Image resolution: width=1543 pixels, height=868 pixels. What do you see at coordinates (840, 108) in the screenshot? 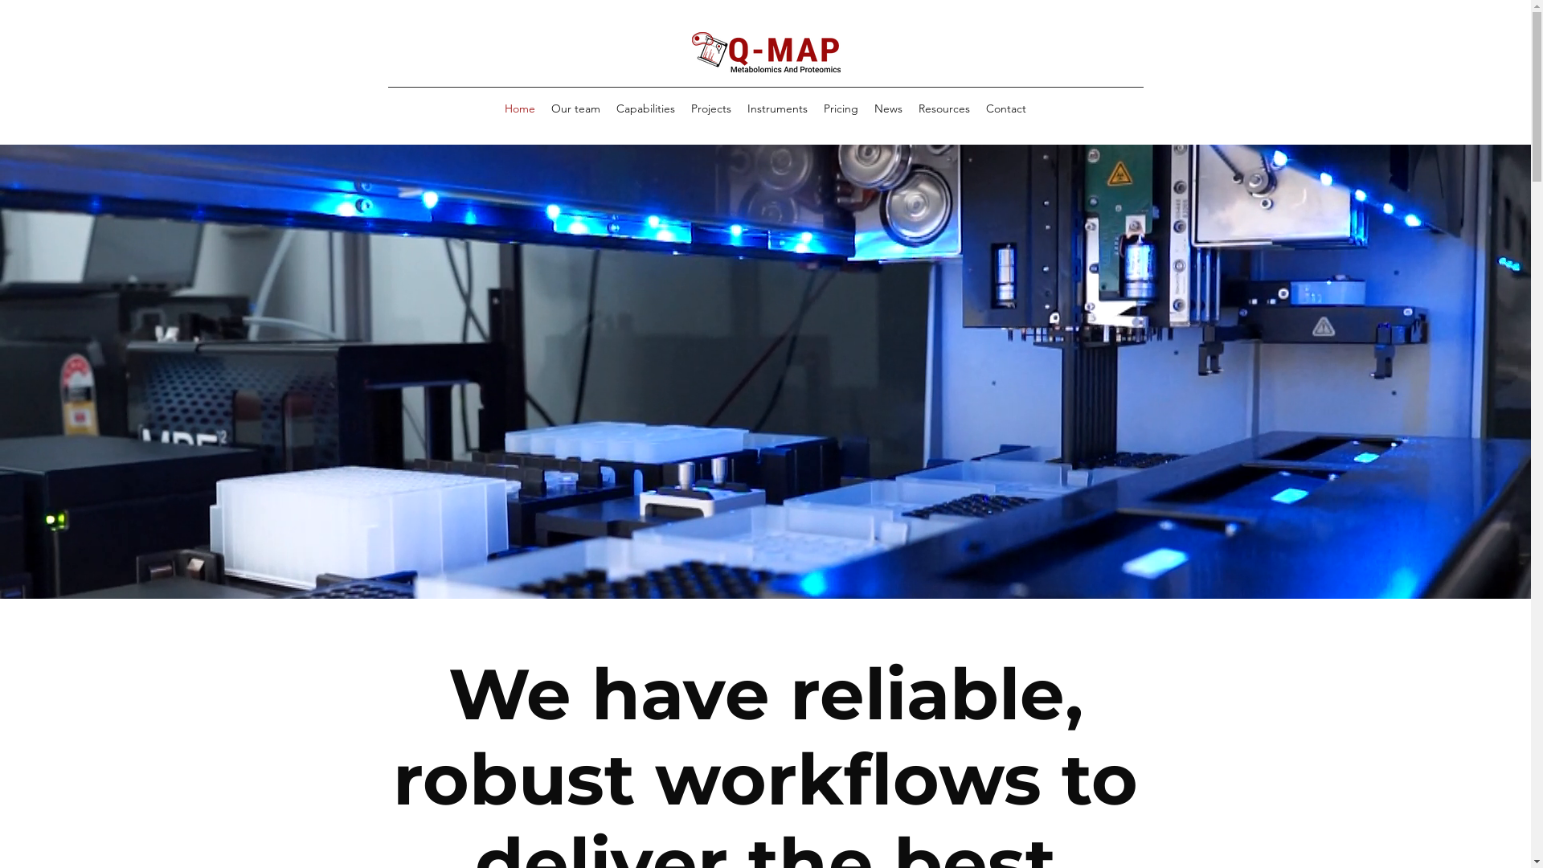
I see `'Pricing'` at bounding box center [840, 108].